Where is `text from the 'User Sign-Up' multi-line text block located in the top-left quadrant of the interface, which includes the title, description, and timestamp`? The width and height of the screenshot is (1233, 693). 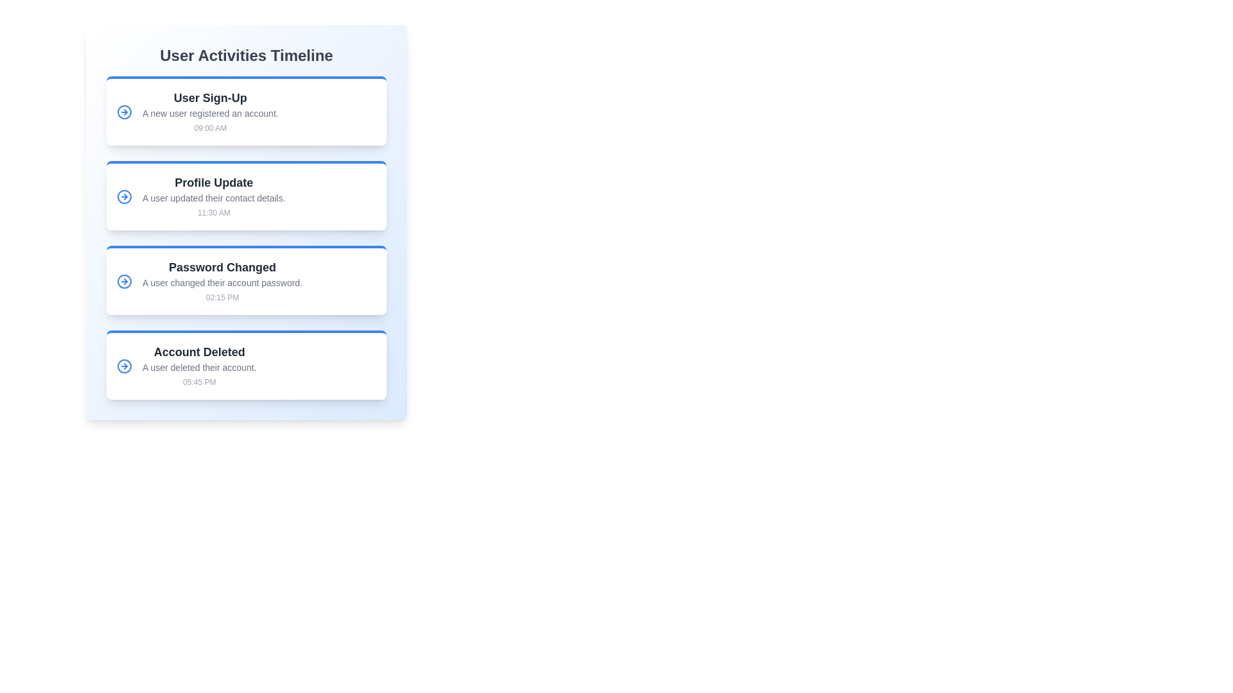 text from the 'User Sign-Up' multi-line text block located in the top-left quadrant of the interface, which includes the title, description, and timestamp is located at coordinates (210, 111).